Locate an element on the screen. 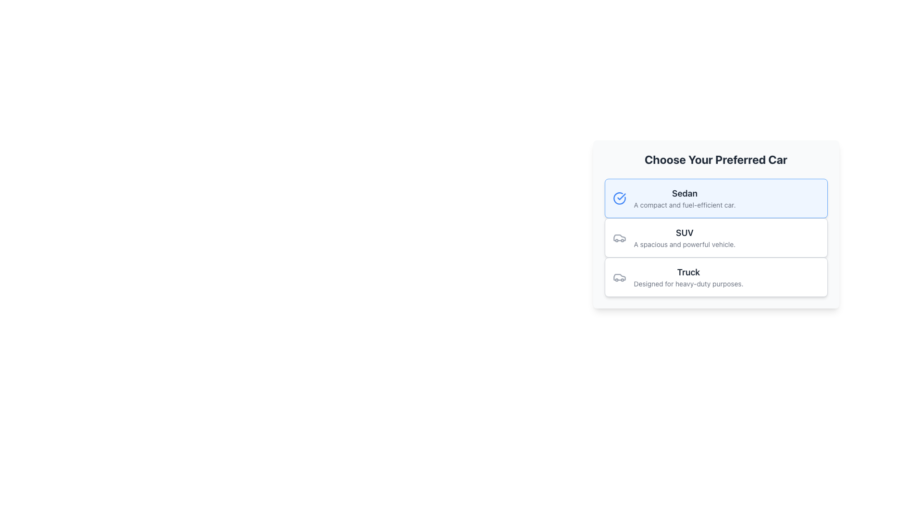 The width and height of the screenshot is (923, 519). the supplementary information text located immediately below the title 'Sedan' in the highlighted selection box is located at coordinates (684, 205).